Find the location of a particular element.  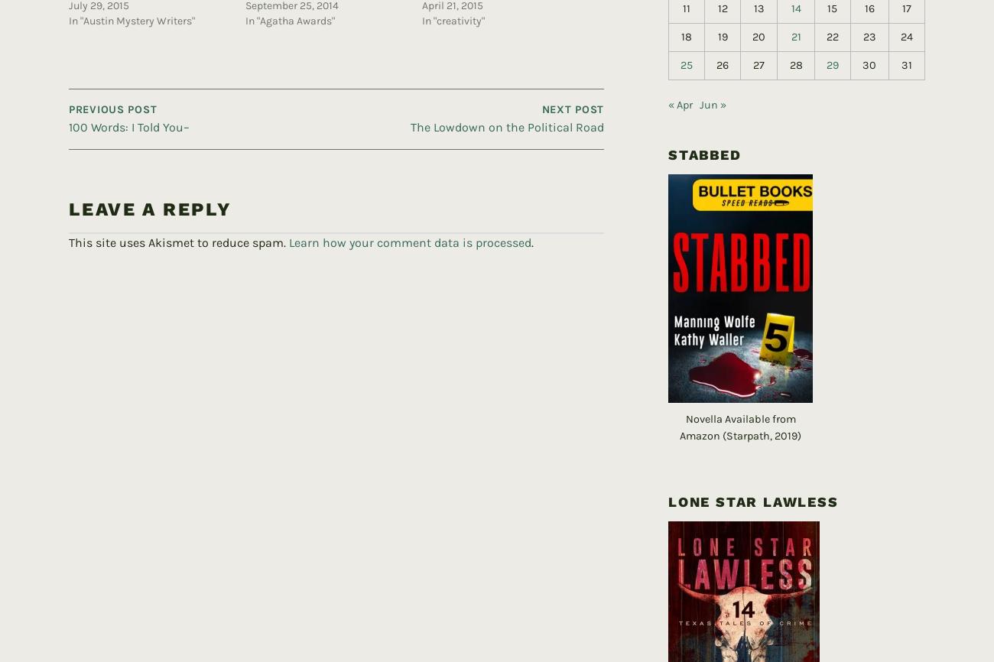

'Leave a Reply' is located at coordinates (68, 183).